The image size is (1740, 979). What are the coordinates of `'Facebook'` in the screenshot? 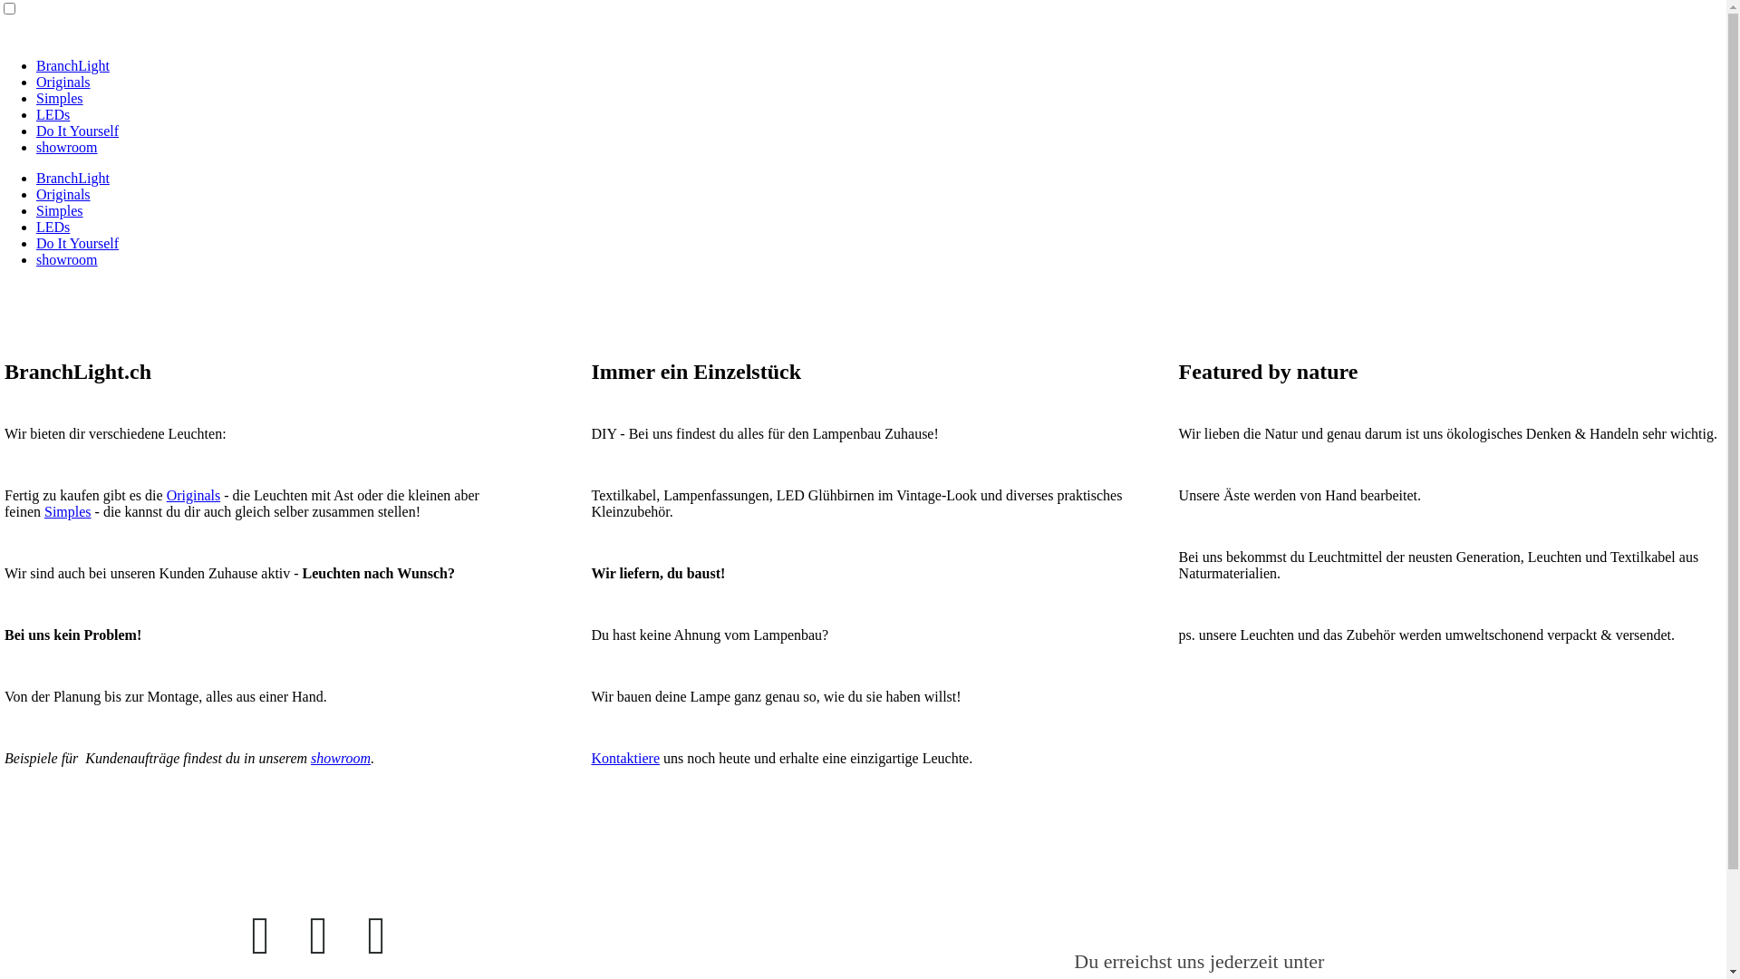 It's located at (234, 936).